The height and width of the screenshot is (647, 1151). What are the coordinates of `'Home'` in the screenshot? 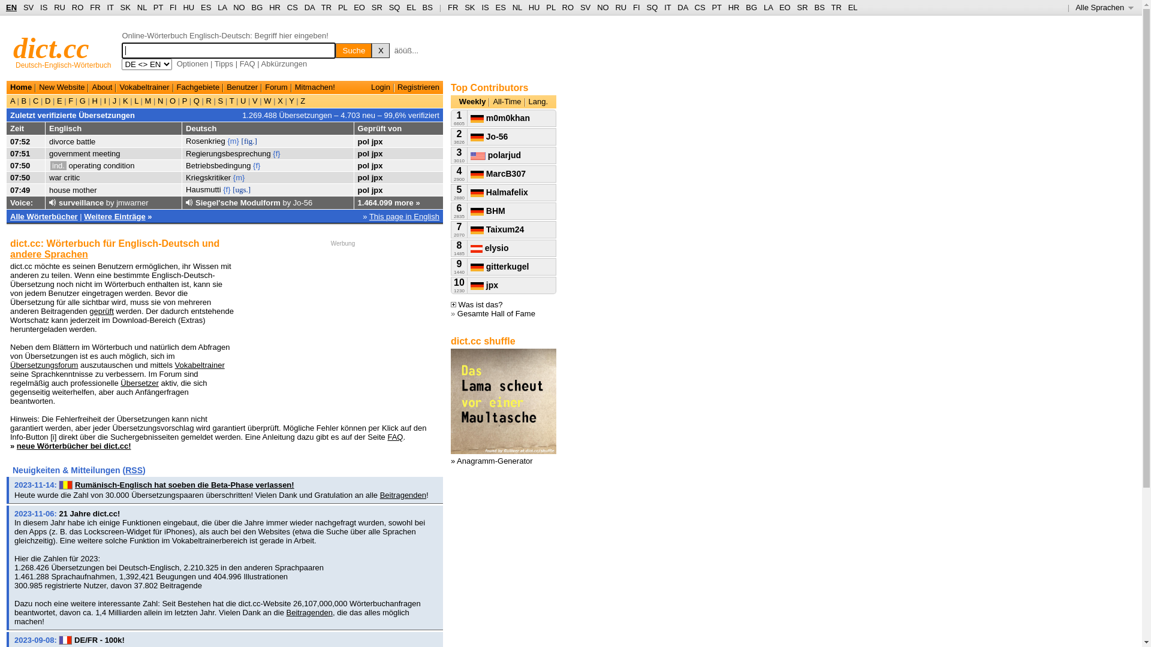 It's located at (10, 86).